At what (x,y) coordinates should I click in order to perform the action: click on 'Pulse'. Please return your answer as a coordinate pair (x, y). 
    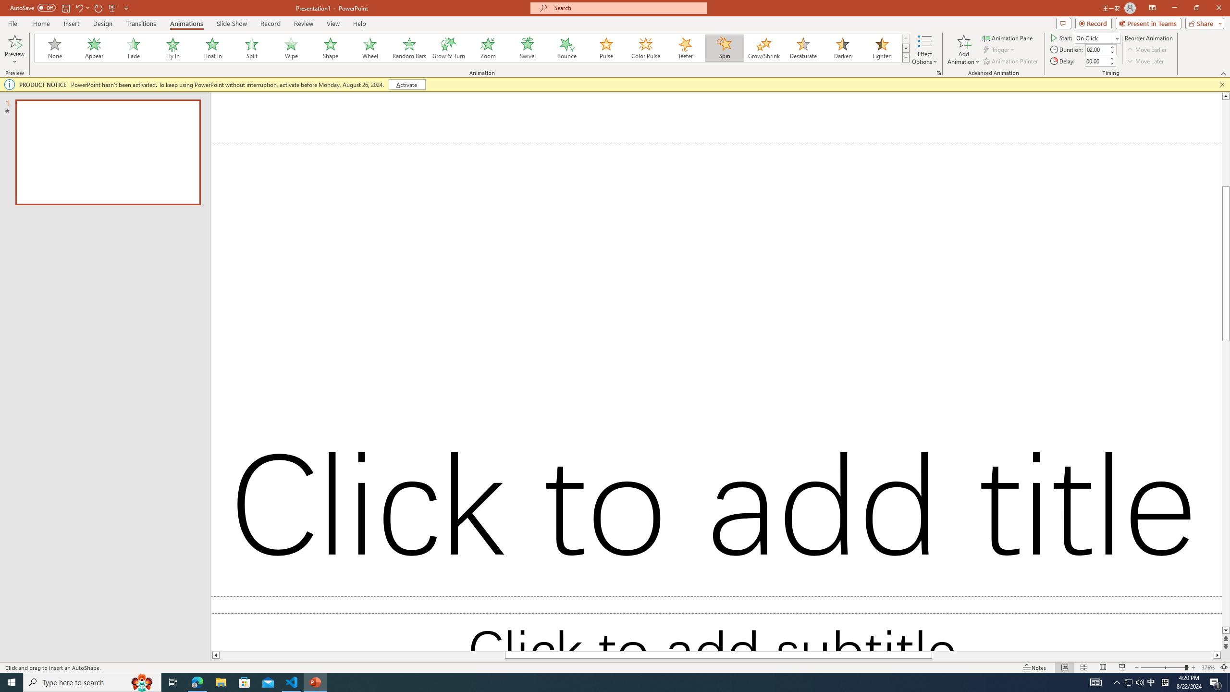
    Looking at the image, I should click on (606, 48).